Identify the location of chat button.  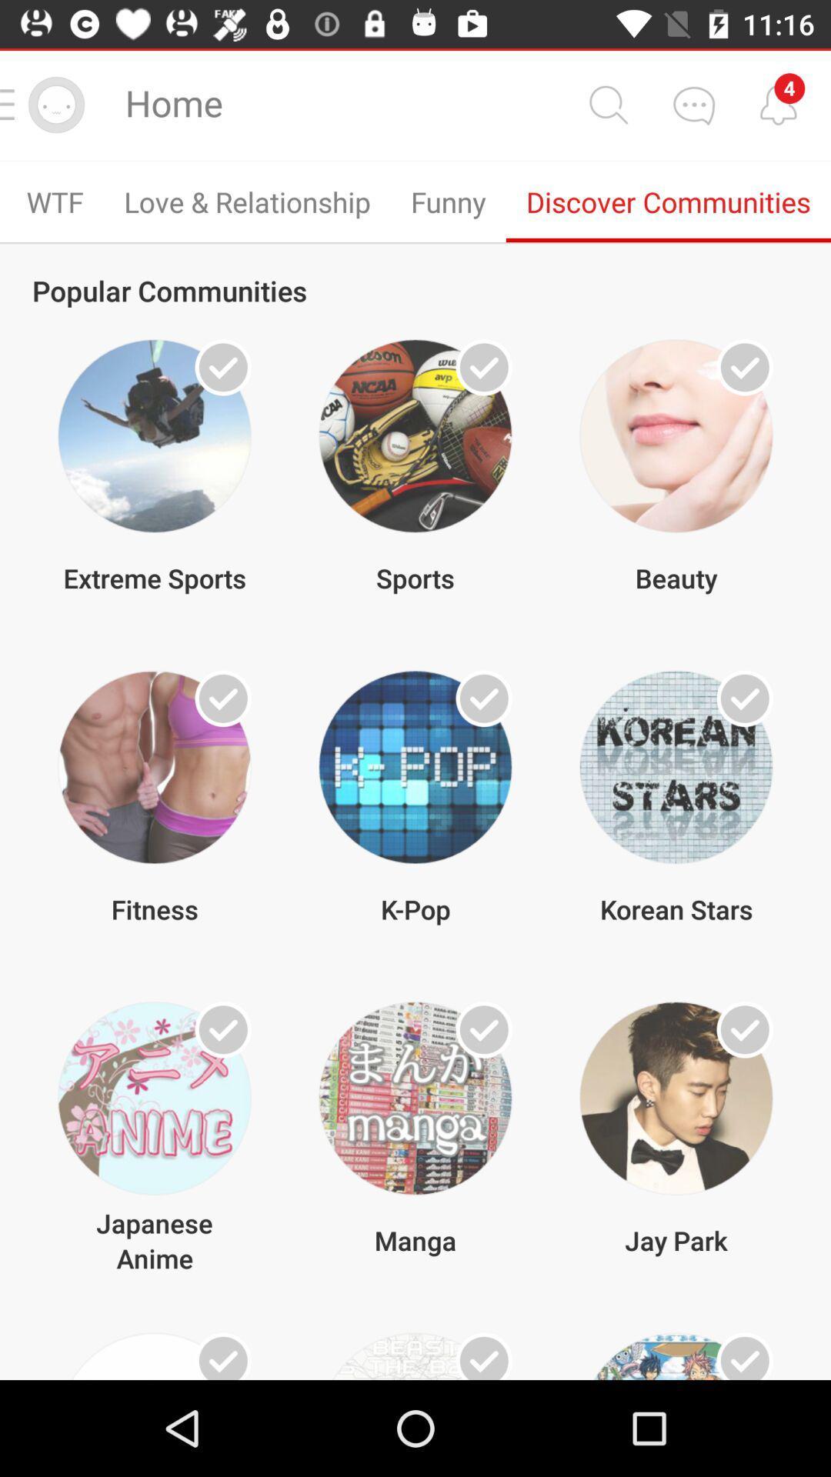
(693, 104).